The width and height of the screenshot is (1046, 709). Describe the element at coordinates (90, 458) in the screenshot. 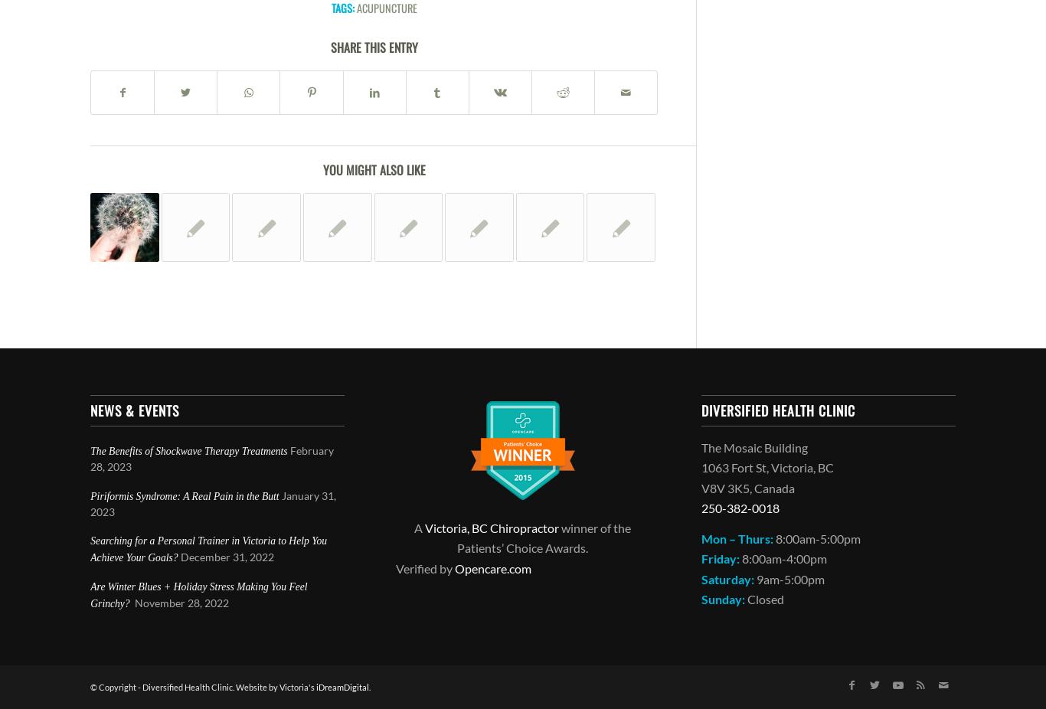

I see `'February 28, 2023'` at that location.